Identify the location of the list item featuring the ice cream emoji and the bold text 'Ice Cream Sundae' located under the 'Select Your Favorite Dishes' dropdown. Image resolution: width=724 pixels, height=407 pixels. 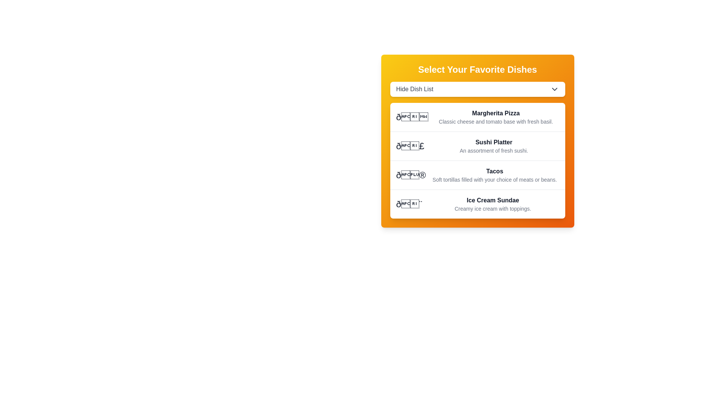
(477, 204).